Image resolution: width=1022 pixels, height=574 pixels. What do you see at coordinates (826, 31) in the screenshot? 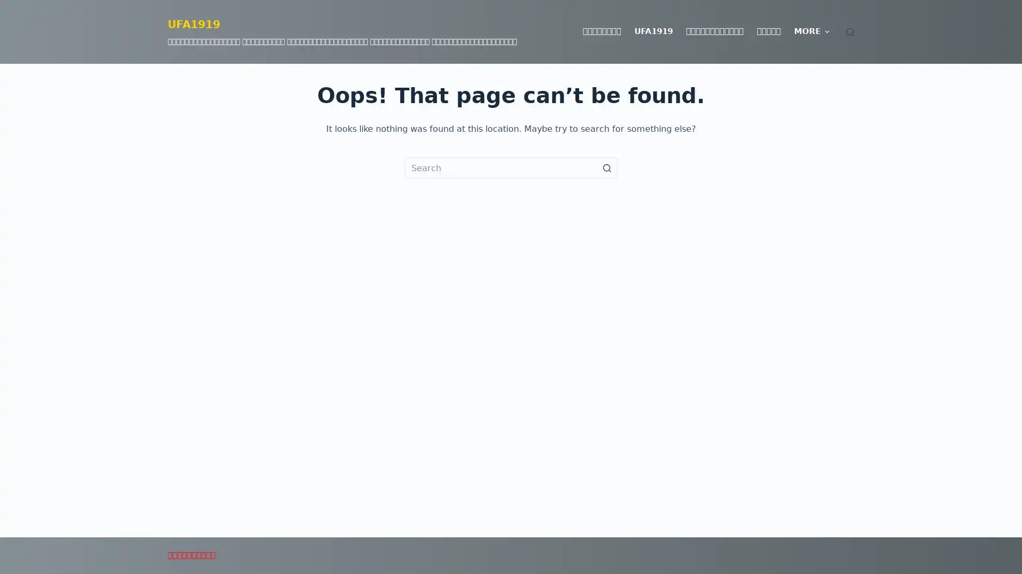
I see `Expand dropdown menu` at bounding box center [826, 31].